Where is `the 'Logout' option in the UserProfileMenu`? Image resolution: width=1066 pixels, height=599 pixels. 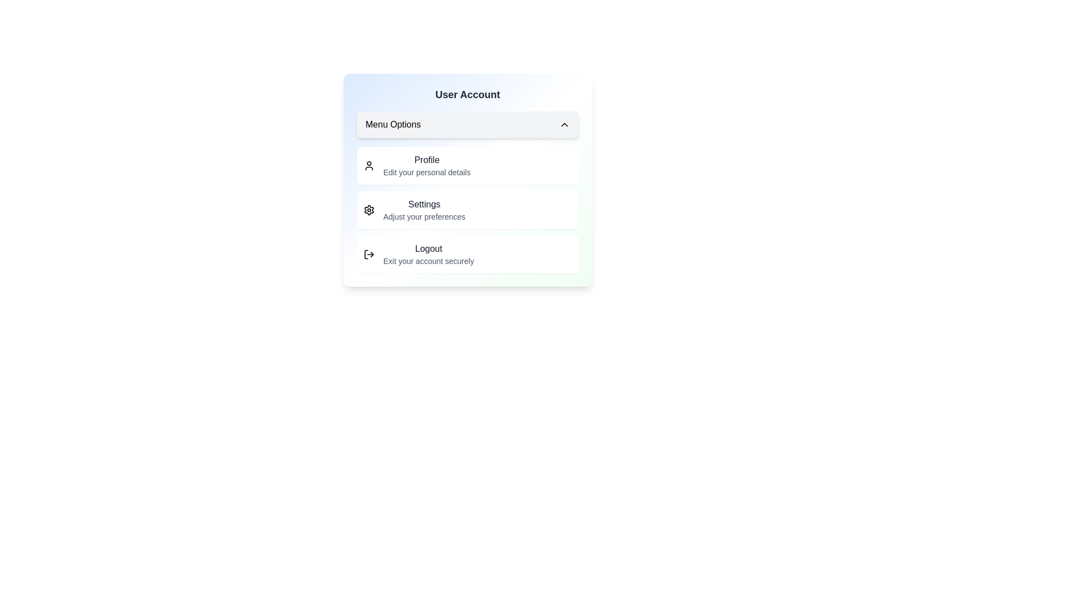 the 'Logout' option in the UserProfileMenu is located at coordinates (467, 255).